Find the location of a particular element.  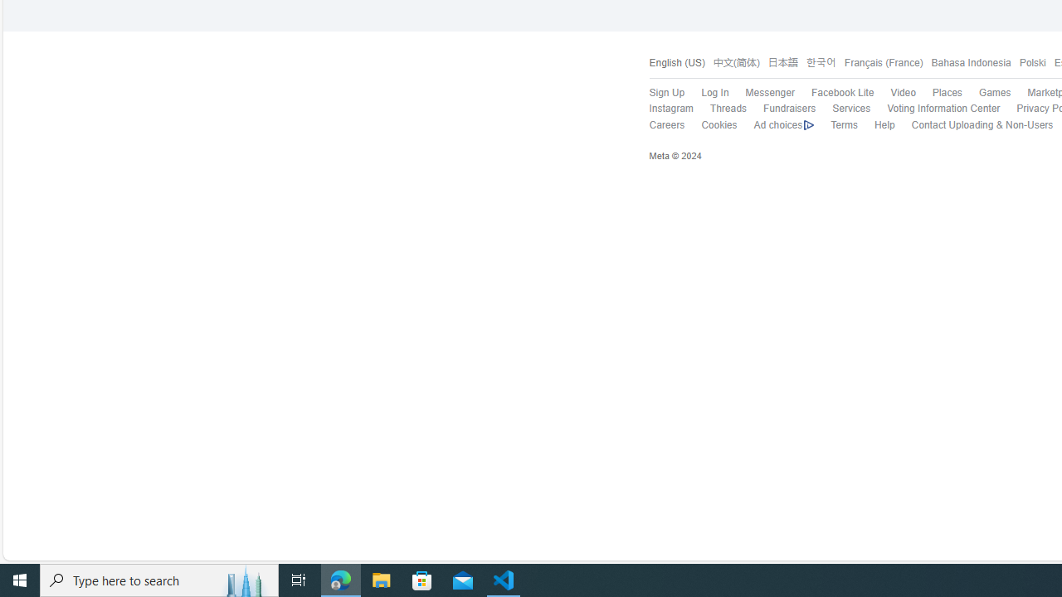

'Places' is located at coordinates (947, 93).